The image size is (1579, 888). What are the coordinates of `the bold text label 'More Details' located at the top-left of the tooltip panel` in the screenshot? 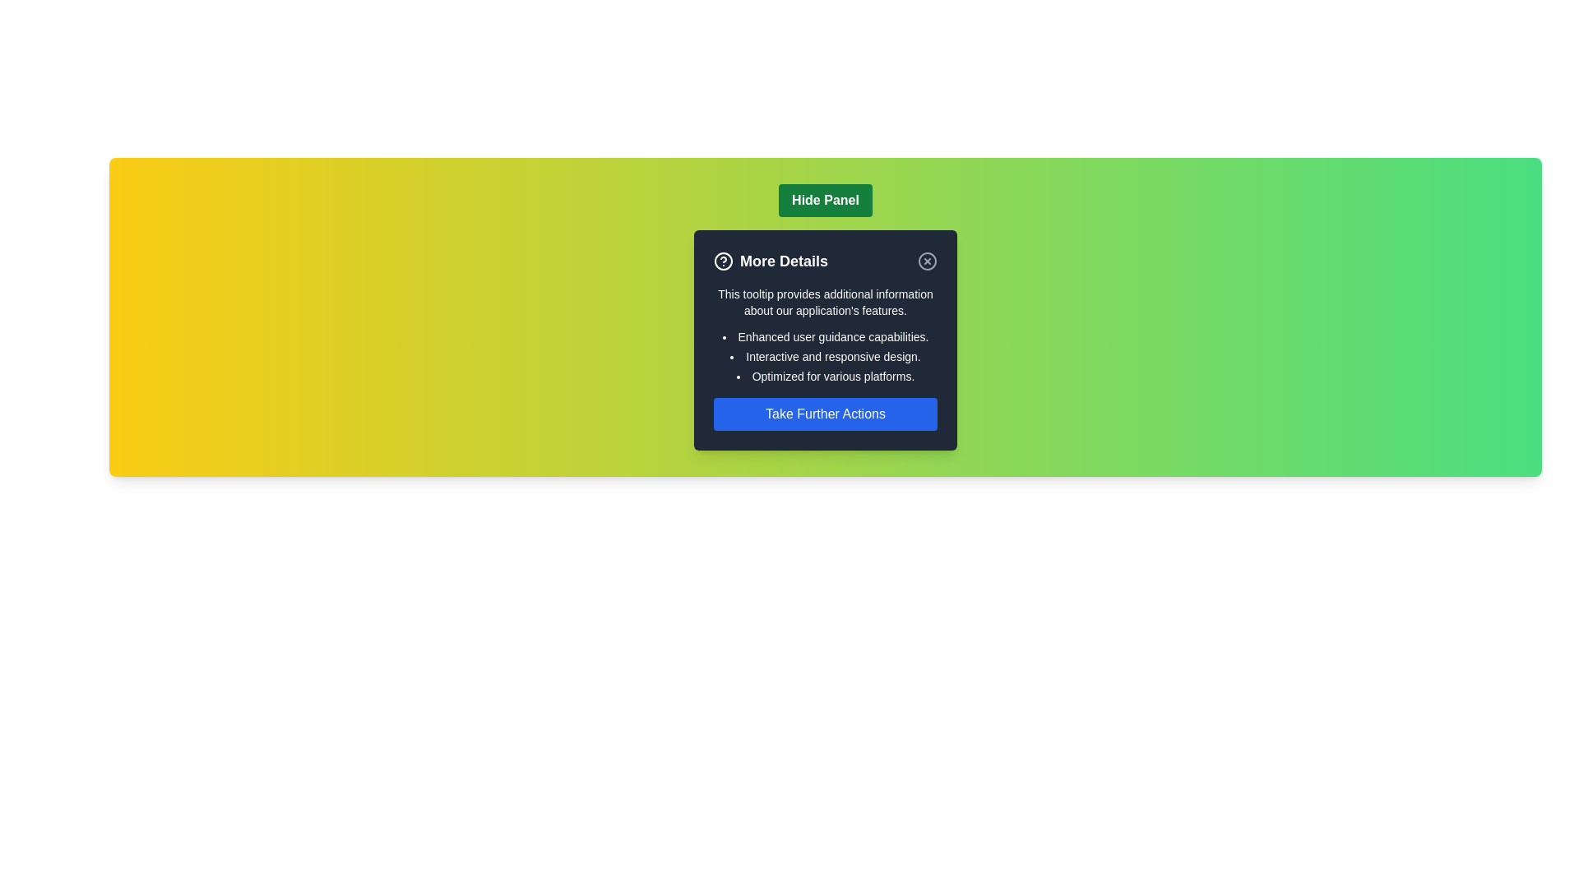 It's located at (783, 260).